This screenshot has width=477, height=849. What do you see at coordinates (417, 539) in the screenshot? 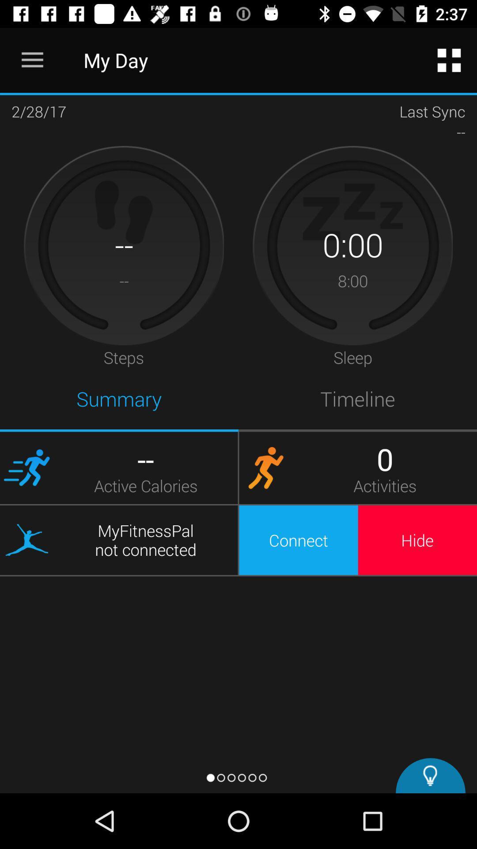
I see `the icon next to connect` at bounding box center [417, 539].